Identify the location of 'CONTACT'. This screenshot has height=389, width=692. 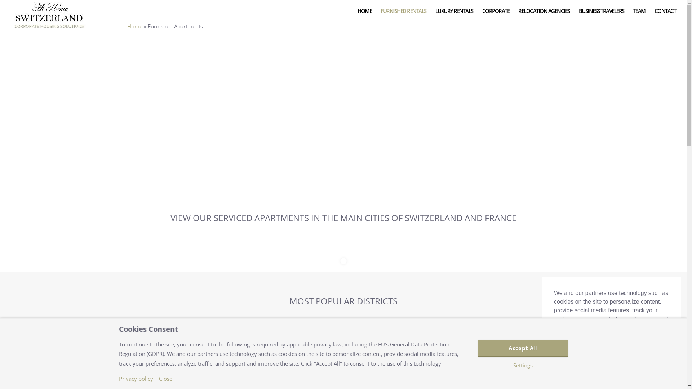
(665, 11).